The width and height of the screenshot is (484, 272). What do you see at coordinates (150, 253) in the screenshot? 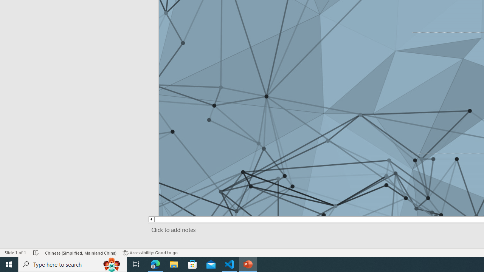
I see `'Accessibility Checker Accessibility: Good to go'` at bounding box center [150, 253].